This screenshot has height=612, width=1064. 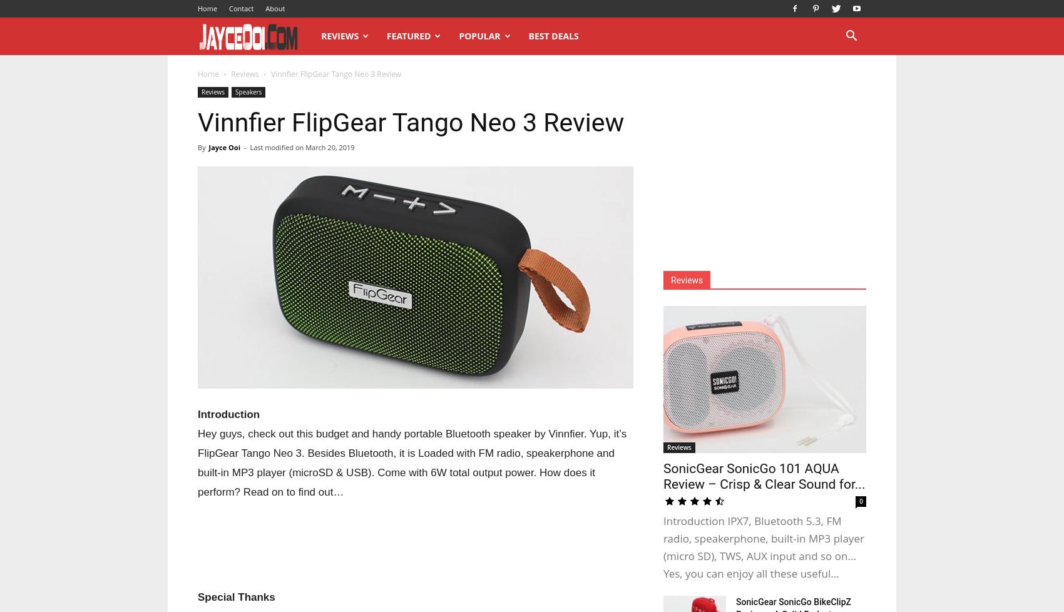 I want to click on 'Home', so click(x=208, y=74).